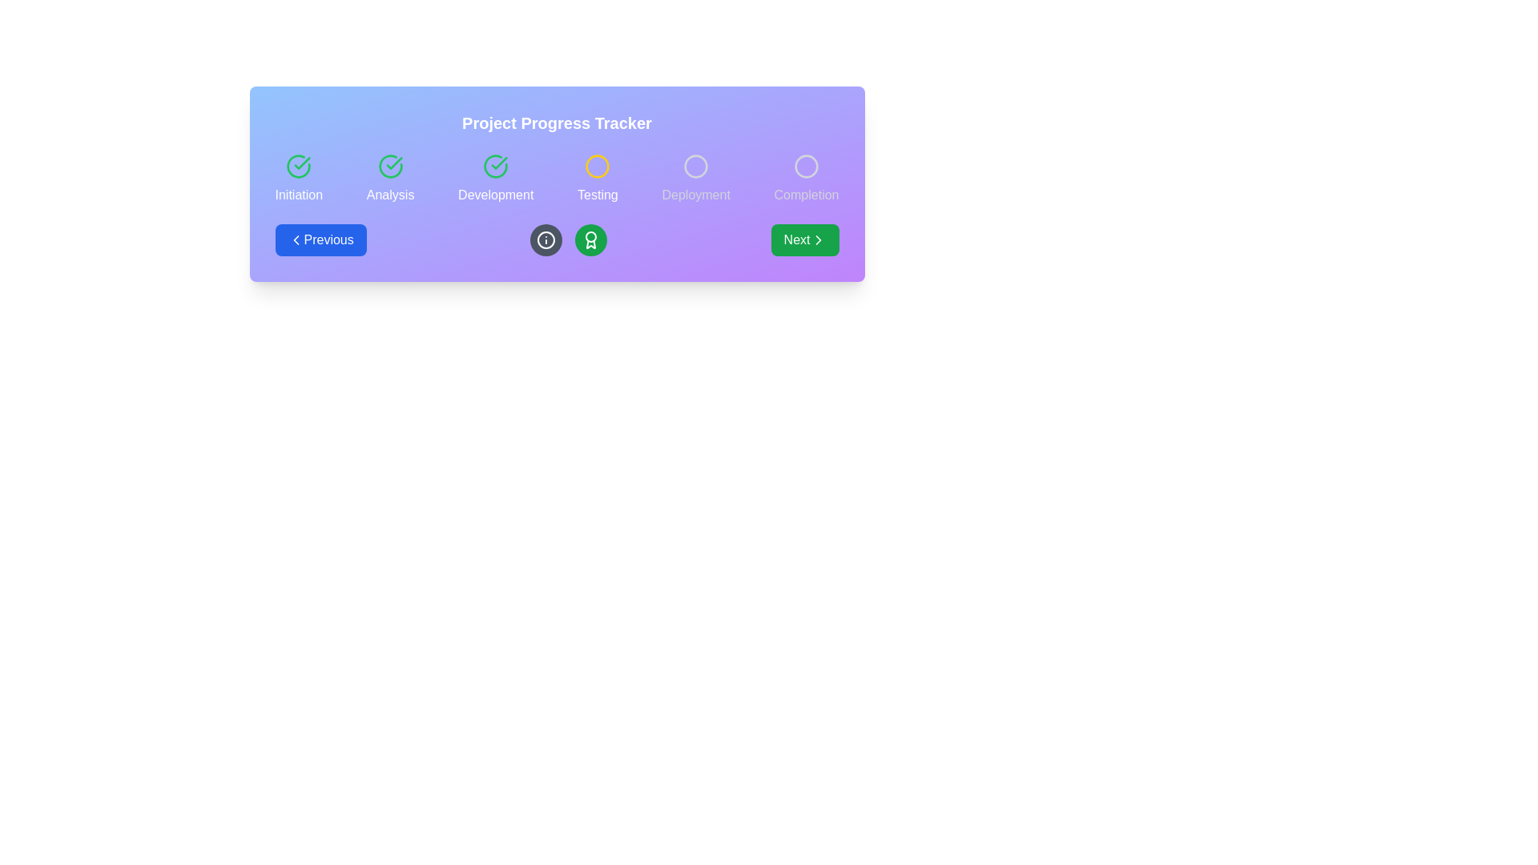 This screenshot has height=865, width=1538. What do you see at coordinates (495, 179) in the screenshot?
I see `the Progress step indicator, which features a green circular icon with a checkmark and the text 'Development' below it, positioned as the third step in a list of progress steps` at bounding box center [495, 179].